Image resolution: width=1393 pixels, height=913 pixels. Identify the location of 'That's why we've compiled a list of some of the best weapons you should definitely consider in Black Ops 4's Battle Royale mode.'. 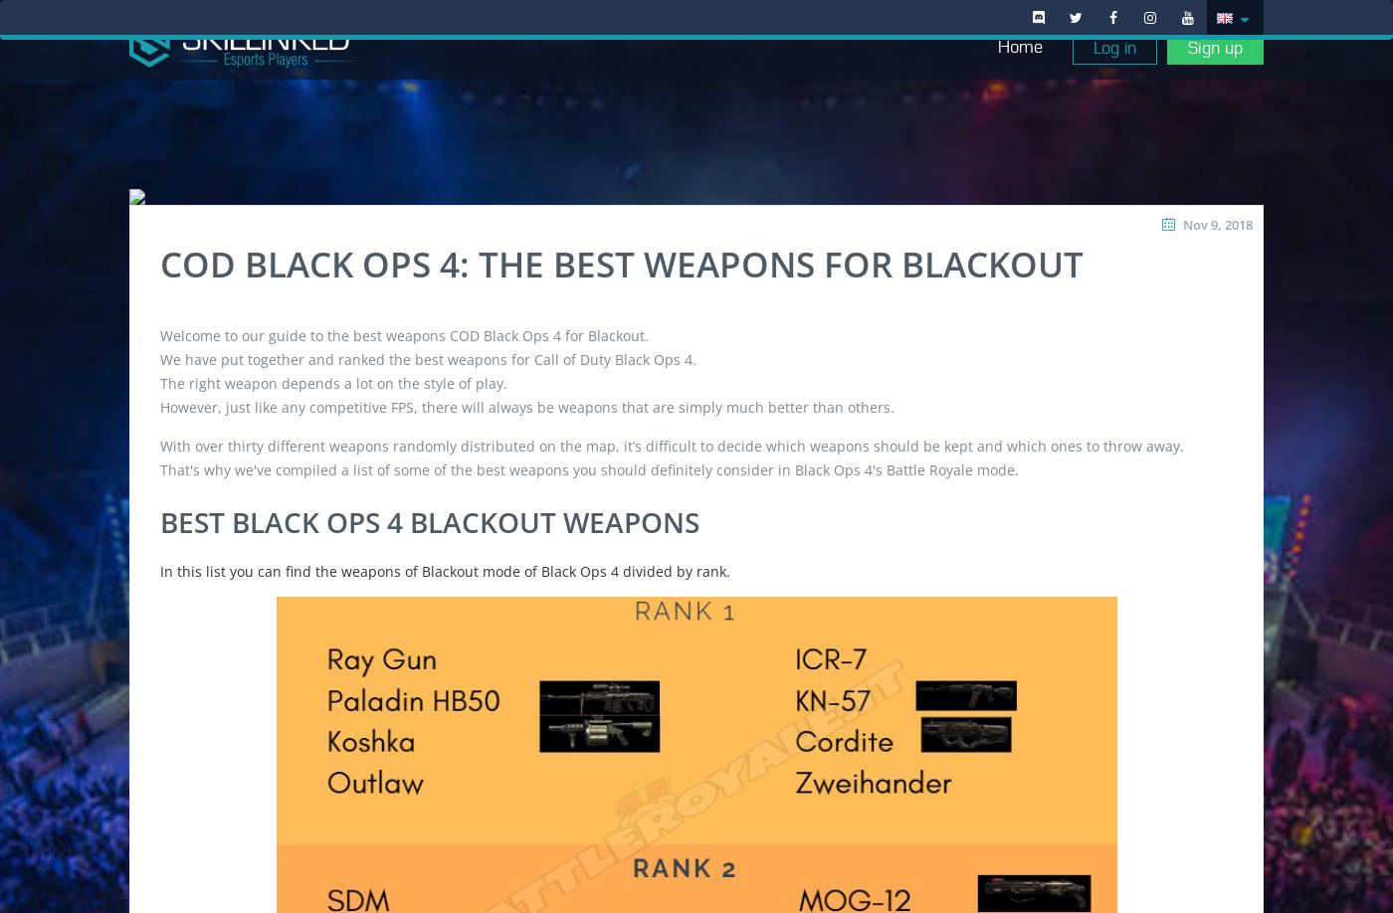
(589, 468).